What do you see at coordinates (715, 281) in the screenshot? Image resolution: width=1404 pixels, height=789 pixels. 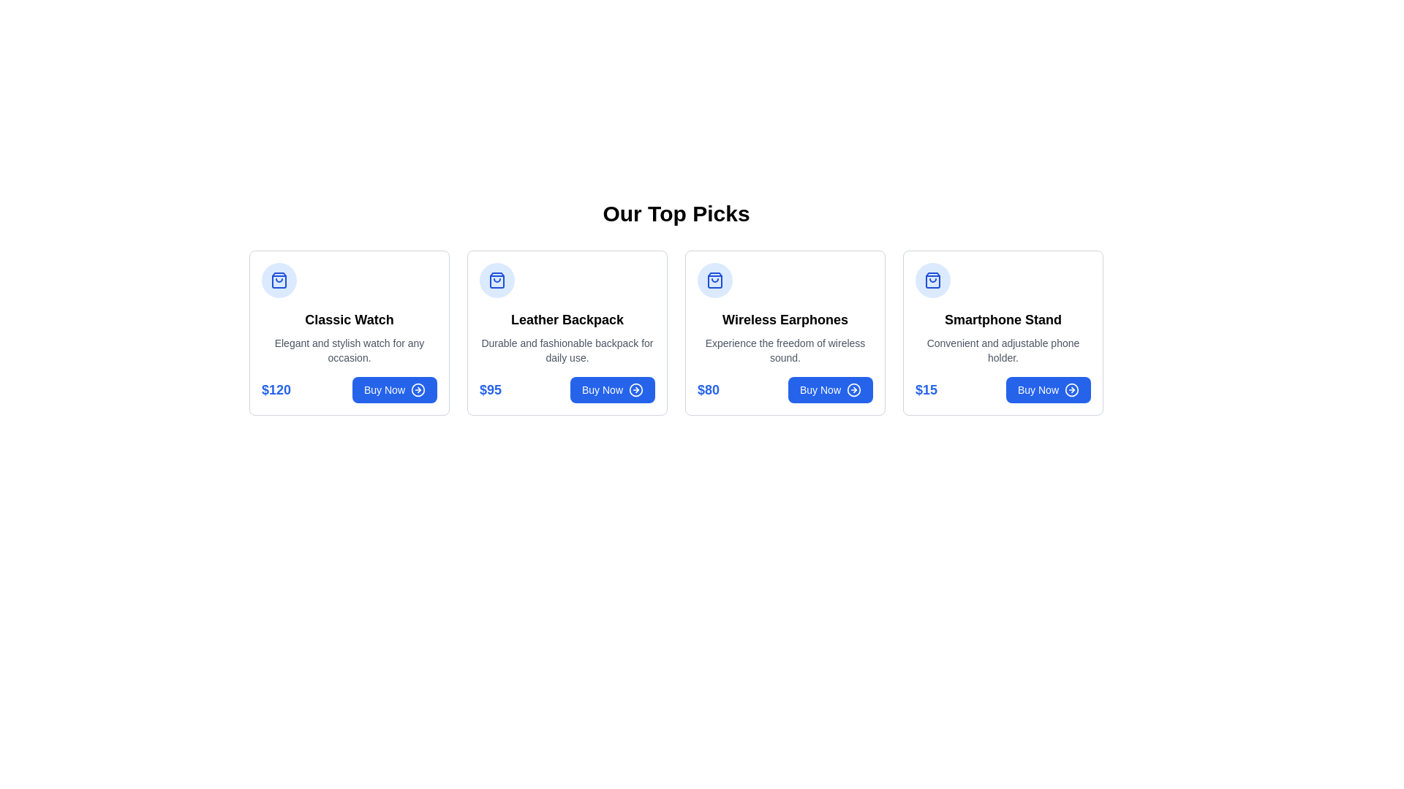 I see `the shopping bag icon located at the top-center of the 'Wireless Earphones' card, which is enclosed within a circular light blue background` at bounding box center [715, 281].